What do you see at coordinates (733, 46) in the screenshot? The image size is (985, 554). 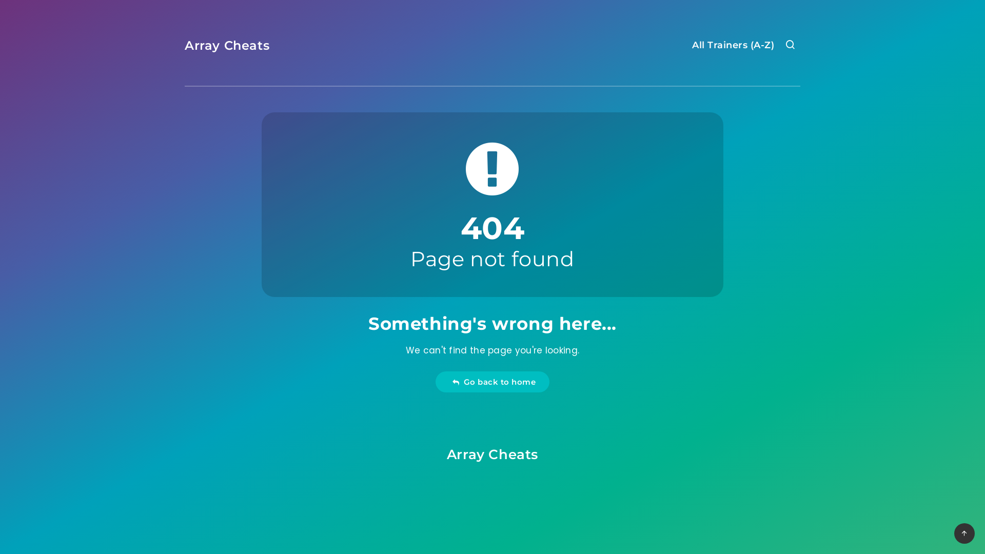 I see `'All Trainers (A-Z)'` at bounding box center [733, 46].